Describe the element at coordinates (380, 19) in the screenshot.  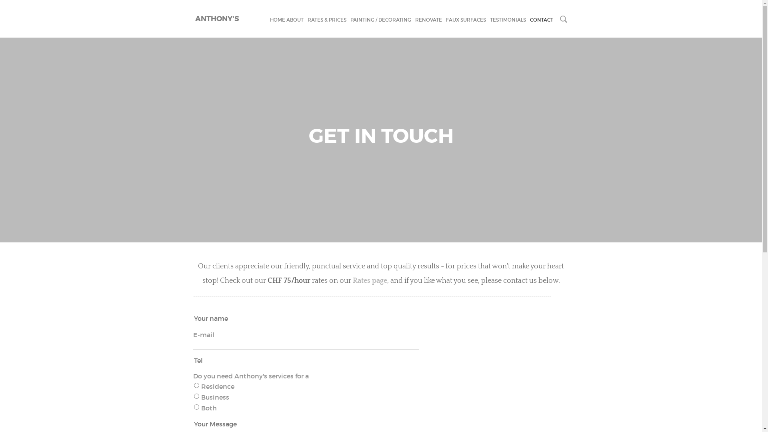
I see `'PAINTING / DECORATING'` at that location.